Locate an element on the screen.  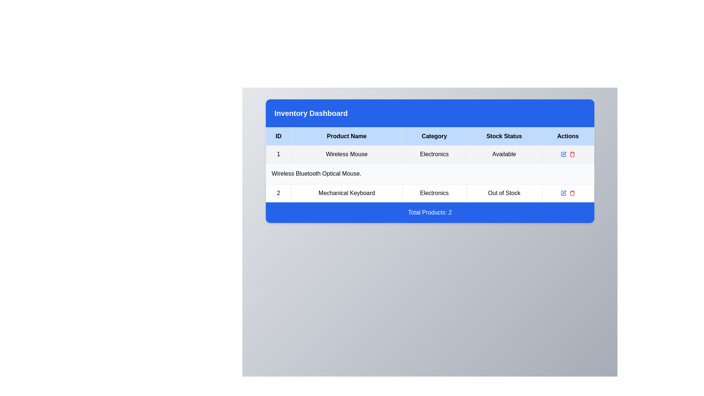
the blue pen icon in the 'Actions' column is located at coordinates (563, 193).